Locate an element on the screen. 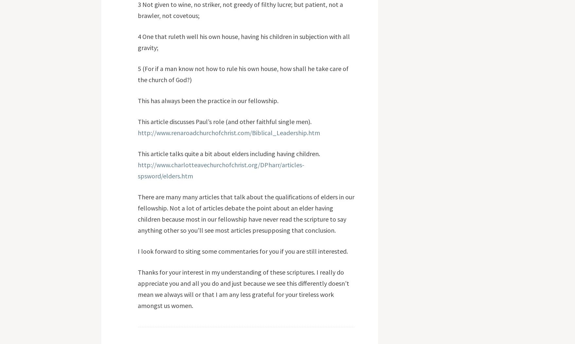 This screenshot has height=344, width=575. 'This has always been the practice in our fellowship.' is located at coordinates (207, 100).